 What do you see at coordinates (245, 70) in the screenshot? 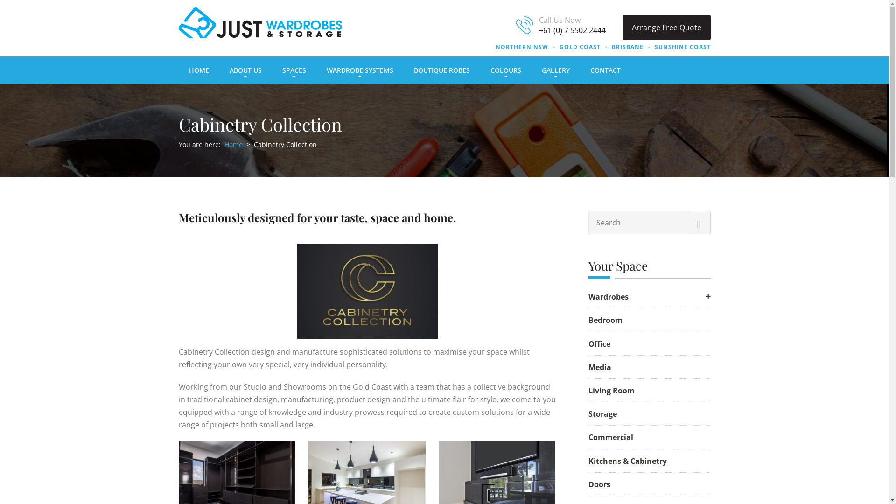
I see `'ABOUT US'` at bounding box center [245, 70].